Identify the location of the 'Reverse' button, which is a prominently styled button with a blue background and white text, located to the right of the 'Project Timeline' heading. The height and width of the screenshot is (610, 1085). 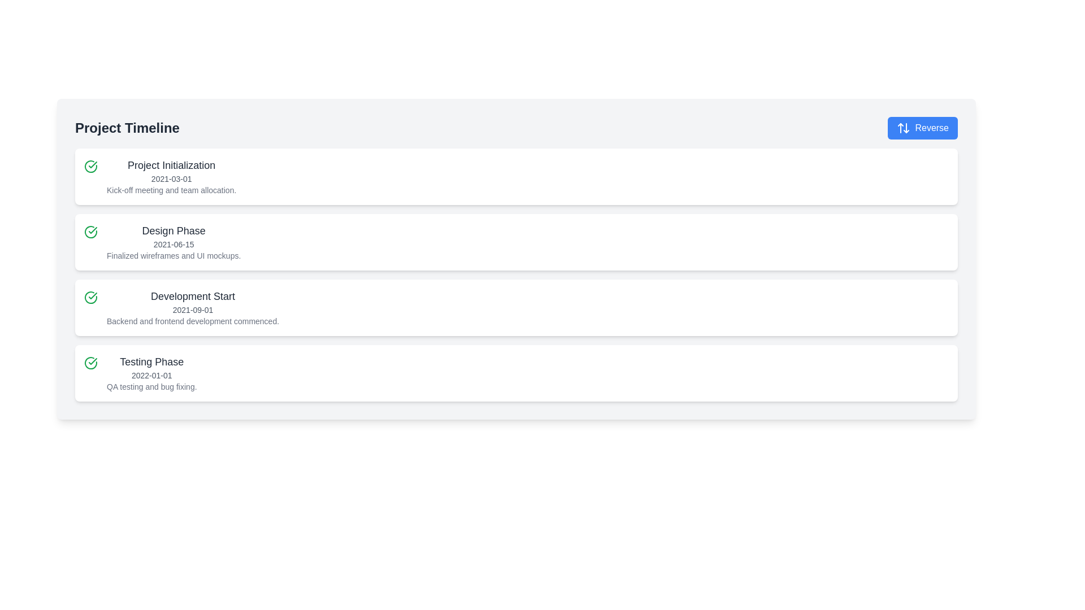
(923, 128).